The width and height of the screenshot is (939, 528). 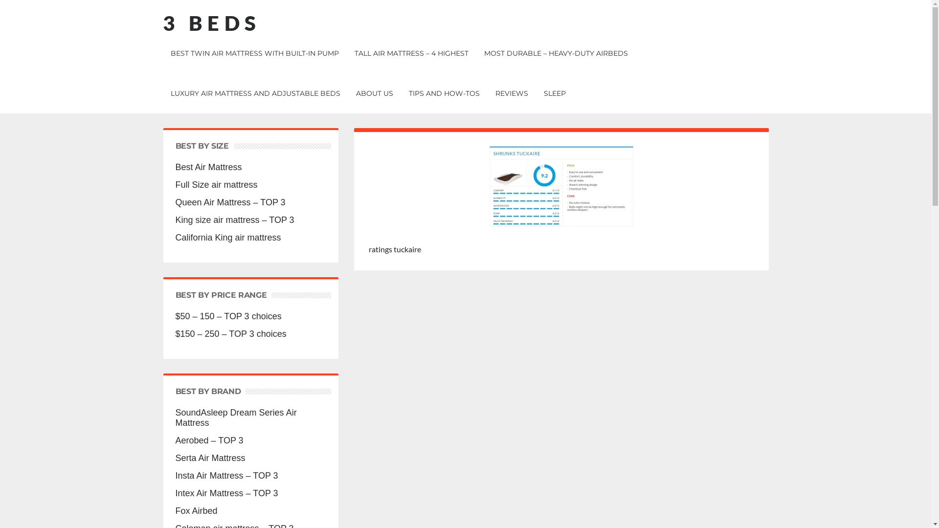 I want to click on 'Serta Air Mattress', so click(x=175, y=458).